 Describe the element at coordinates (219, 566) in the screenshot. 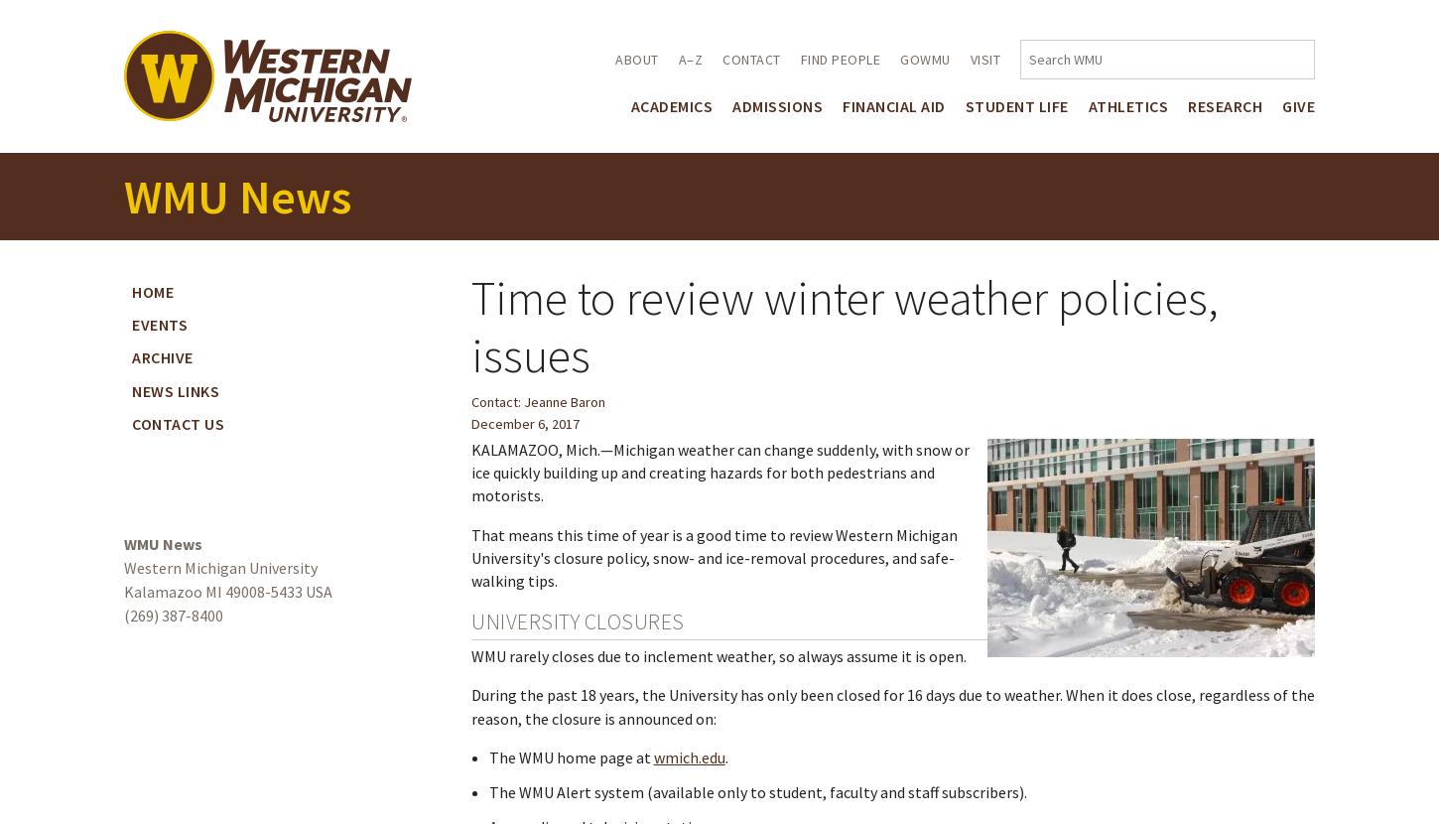

I see `'Western Michigan University'` at that location.